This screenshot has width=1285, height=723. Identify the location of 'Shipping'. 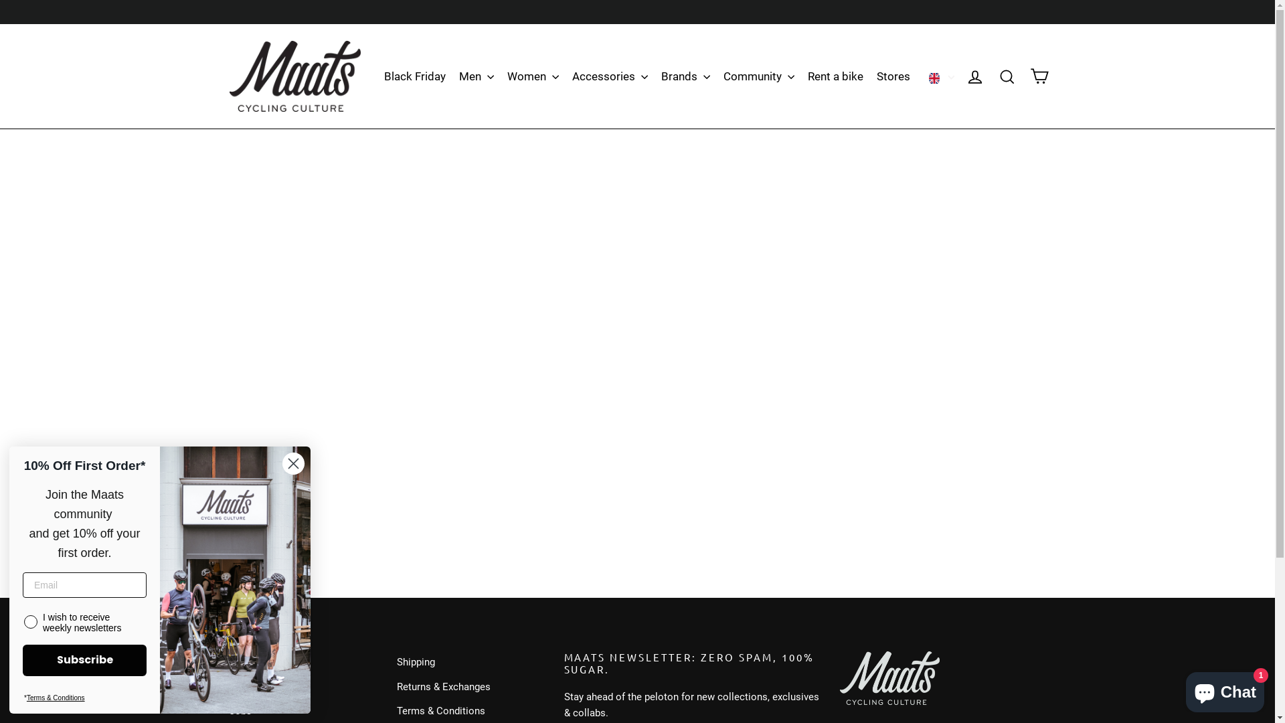
(469, 661).